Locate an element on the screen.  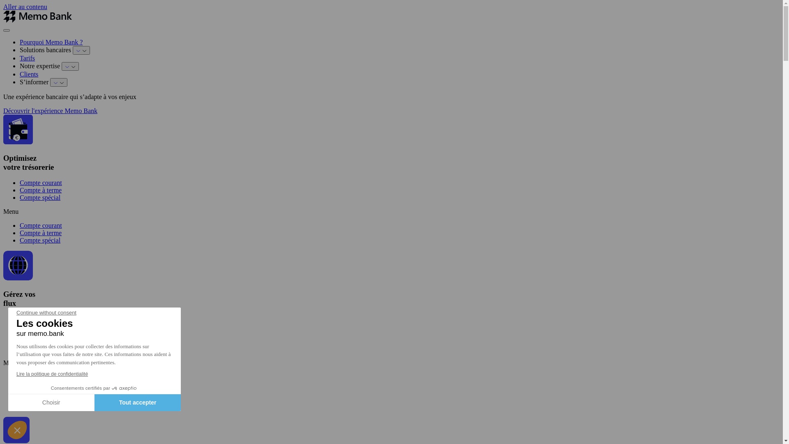
'Clients' is located at coordinates (29, 74).